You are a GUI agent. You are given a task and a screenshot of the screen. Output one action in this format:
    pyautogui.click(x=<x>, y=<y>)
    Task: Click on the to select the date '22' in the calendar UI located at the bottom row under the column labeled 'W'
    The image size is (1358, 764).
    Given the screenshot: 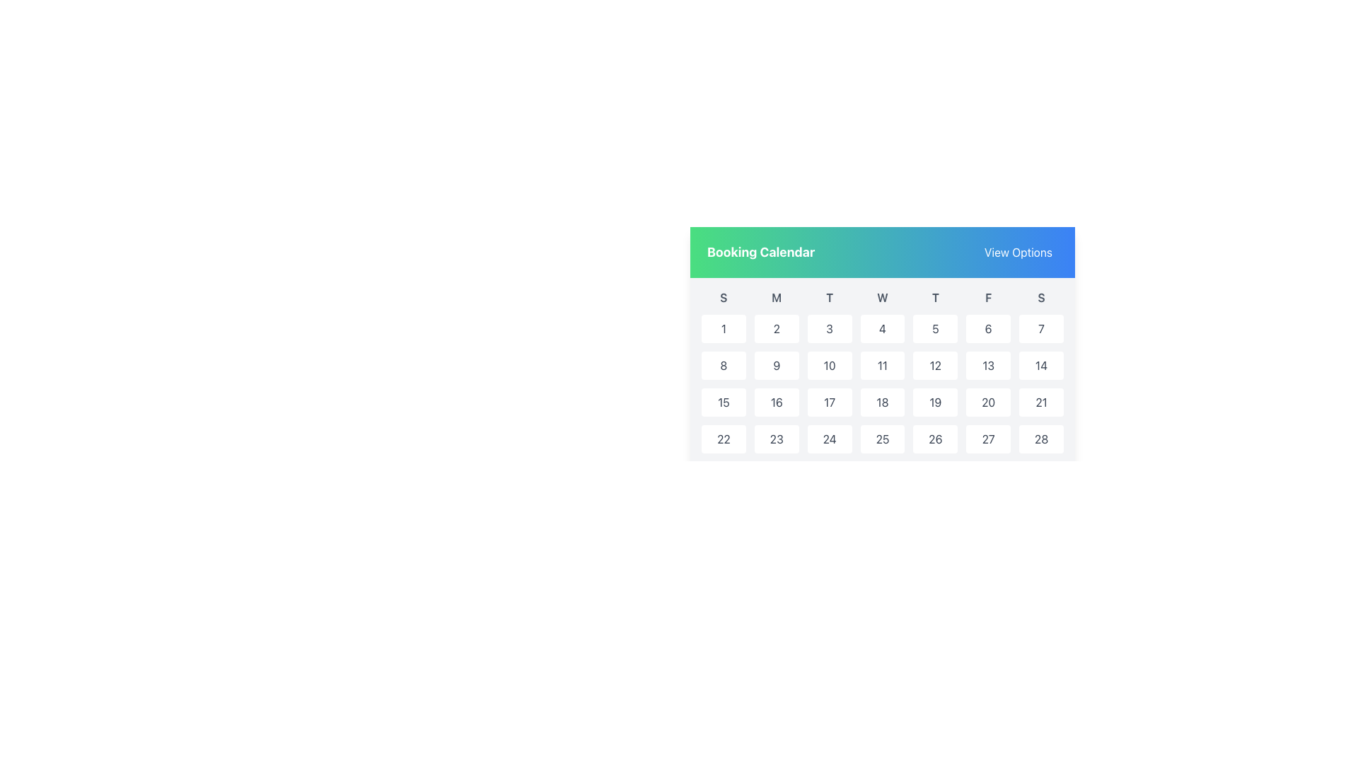 What is the action you would take?
    pyautogui.click(x=724, y=439)
    